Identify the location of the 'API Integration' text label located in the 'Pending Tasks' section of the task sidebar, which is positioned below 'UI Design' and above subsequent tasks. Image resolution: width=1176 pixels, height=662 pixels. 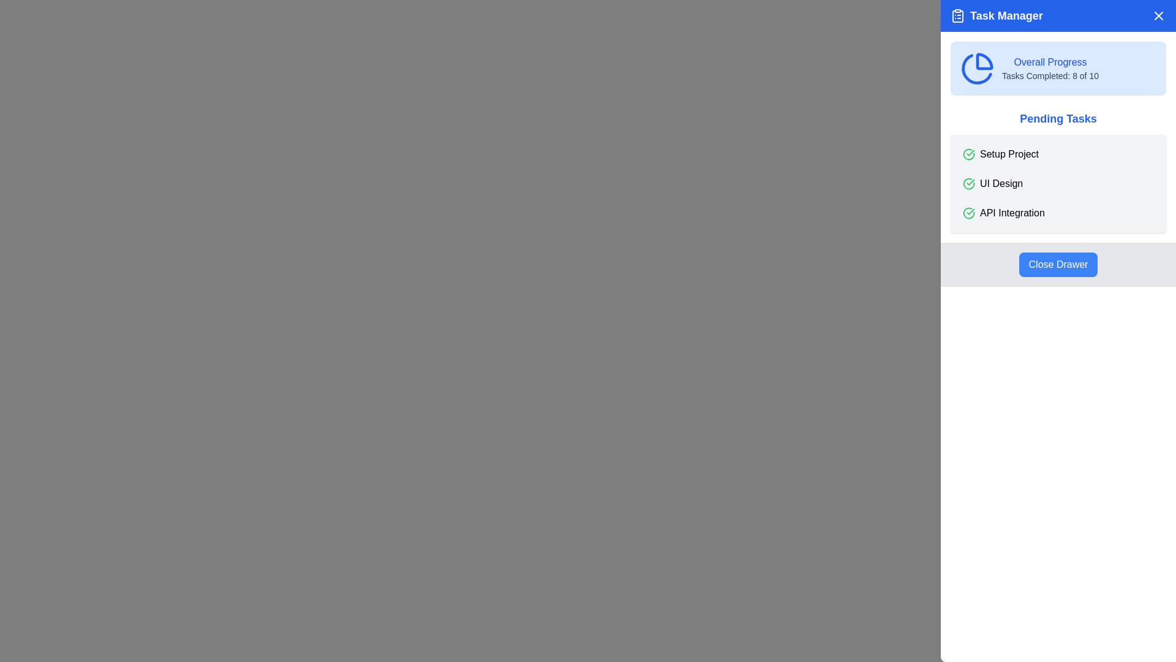
(1012, 212).